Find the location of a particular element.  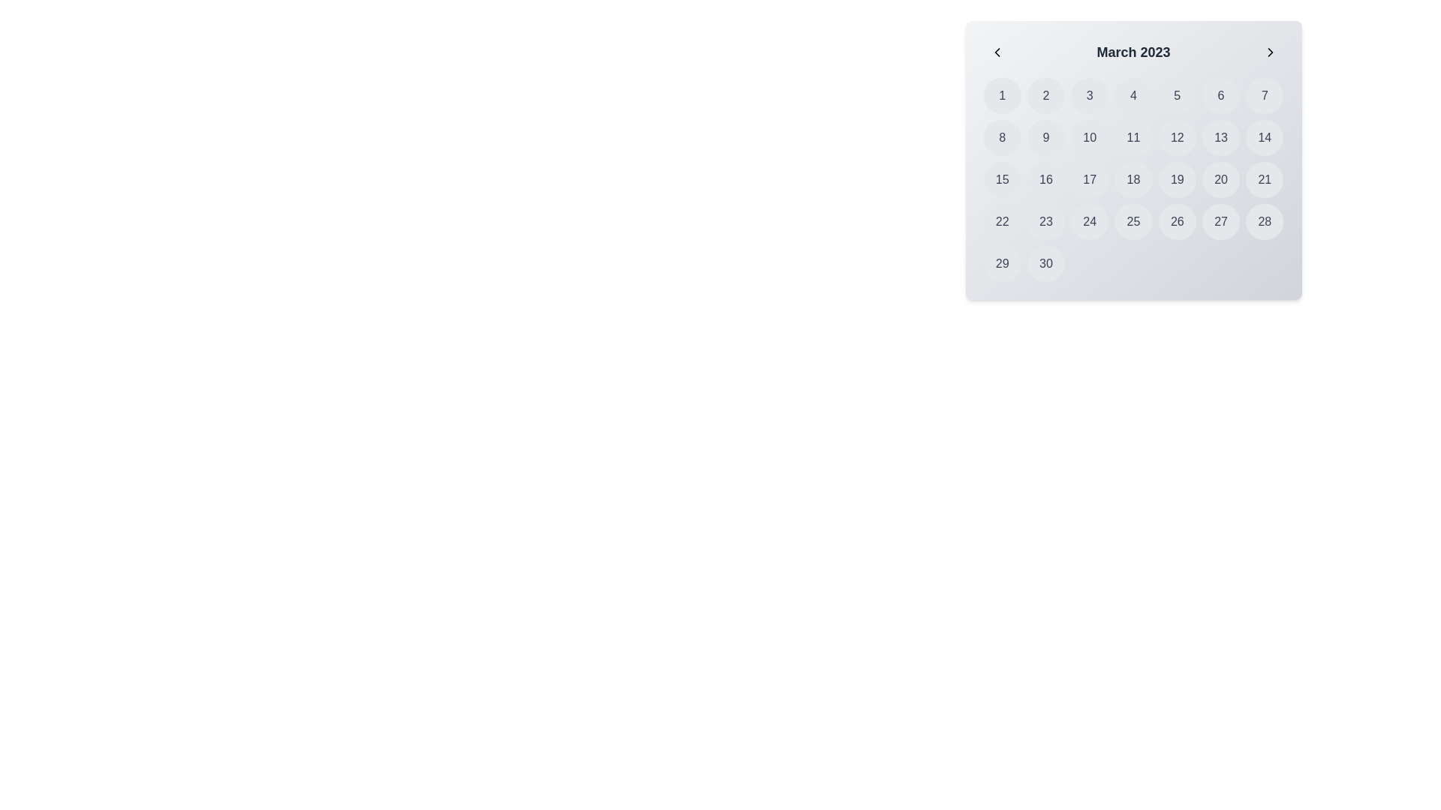

the button representing the 2nd day of March 2023 in the calendar is located at coordinates (1045, 95).